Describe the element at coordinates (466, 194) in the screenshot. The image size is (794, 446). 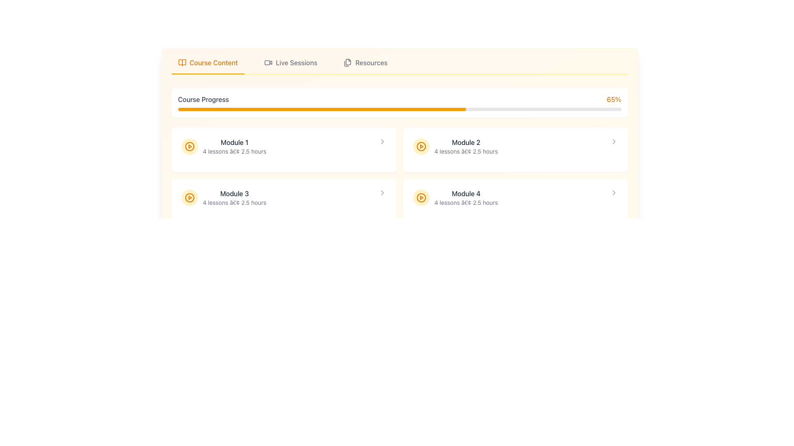
I see `the text label displaying 'Module 4', located in the lower-right quadrant of the page, to interact with adjacent elements` at that location.